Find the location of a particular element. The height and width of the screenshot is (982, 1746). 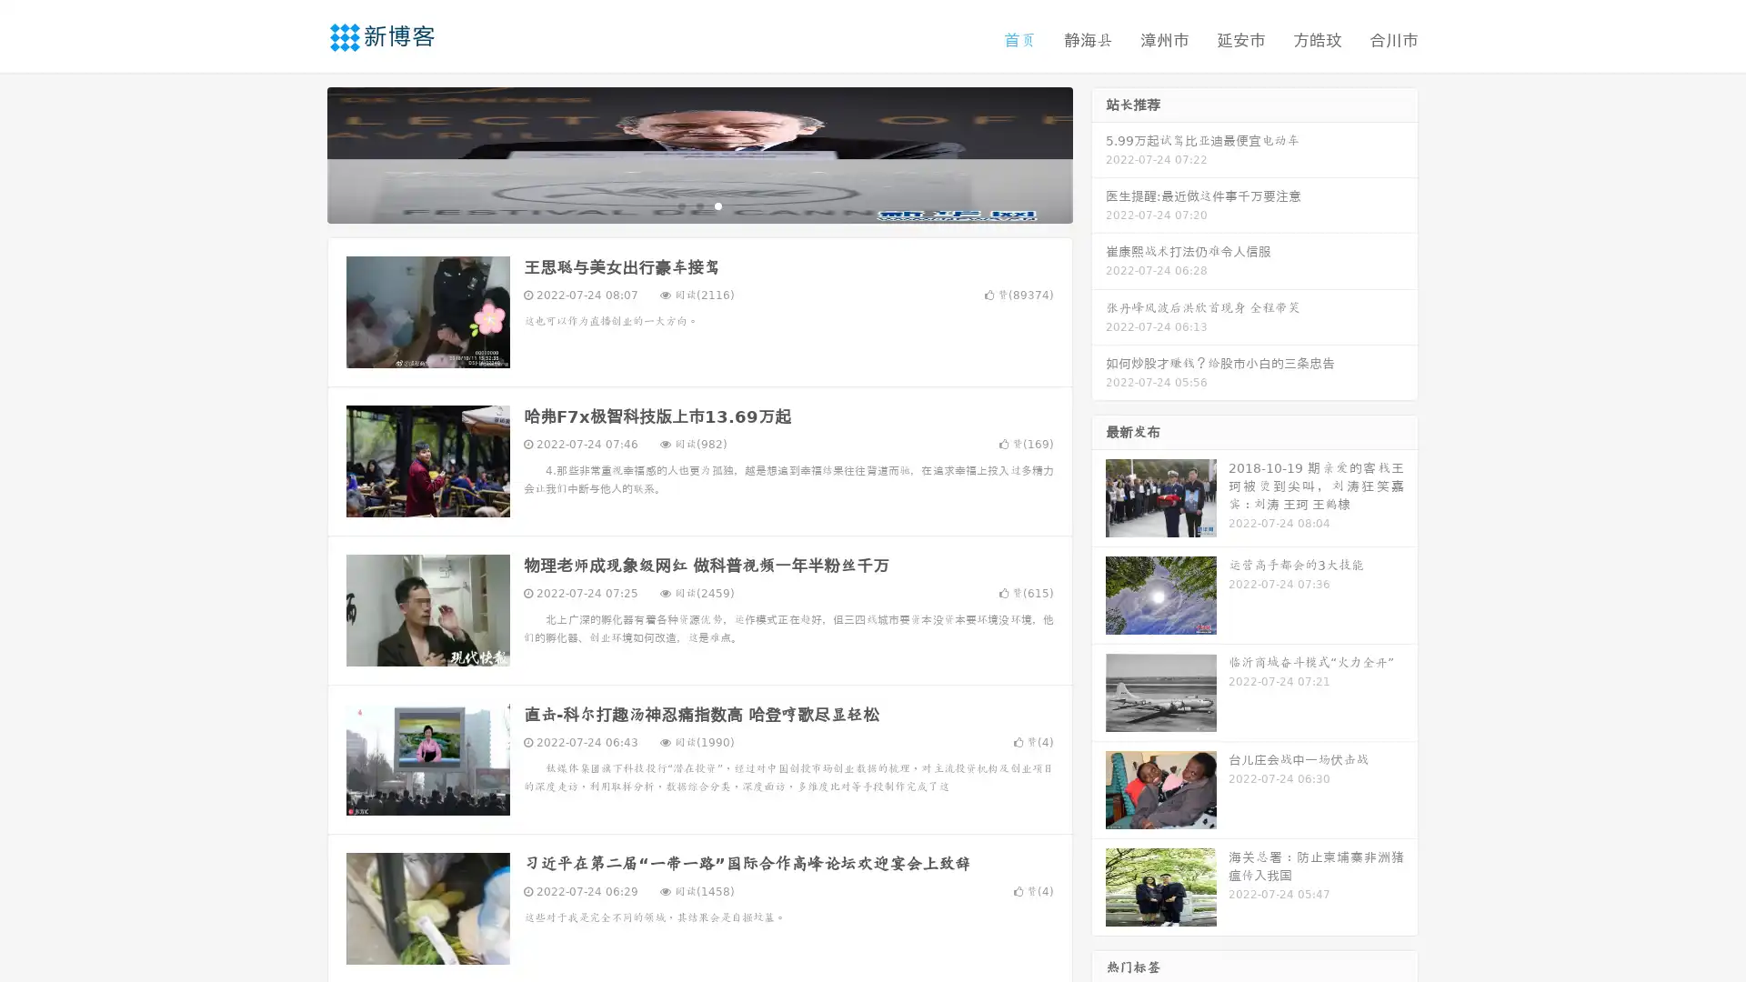

Previous slide is located at coordinates (300, 153).